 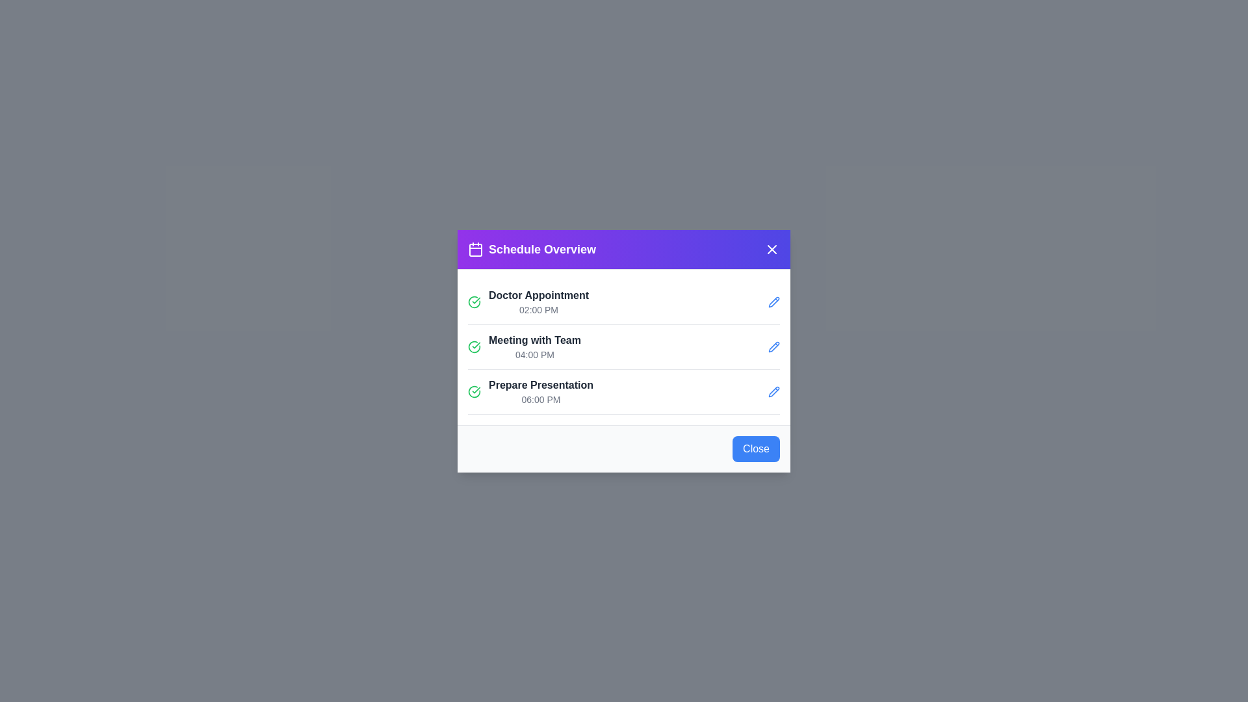 What do you see at coordinates (473, 346) in the screenshot?
I see `the circular check icon indicating completion for the 'Doctor Appointment' list item in the 'Schedule Overview' dialog box` at bounding box center [473, 346].